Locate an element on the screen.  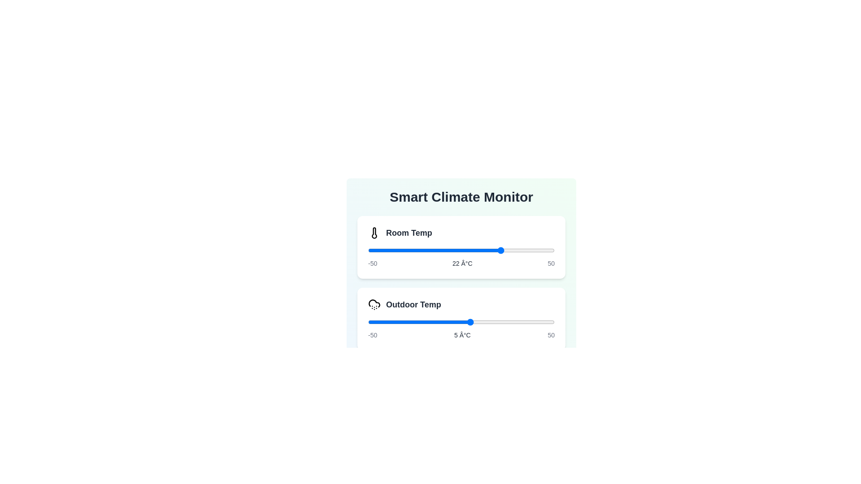
the icon representing 'Room Temp' is located at coordinates (374, 233).